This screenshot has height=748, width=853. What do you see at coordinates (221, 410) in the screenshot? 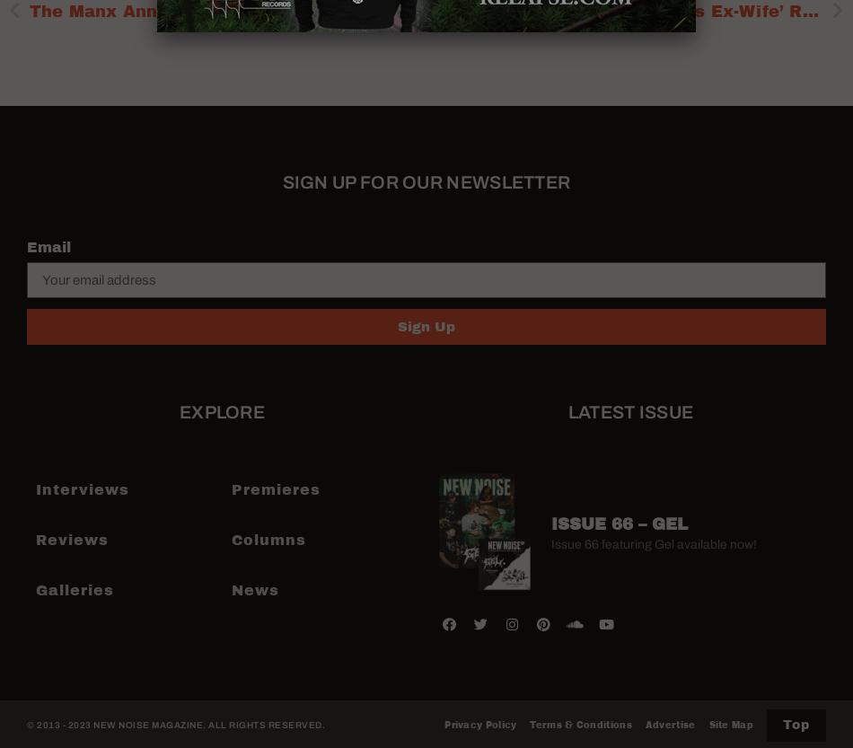
I see `'Explore'` at bounding box center [221, 410].